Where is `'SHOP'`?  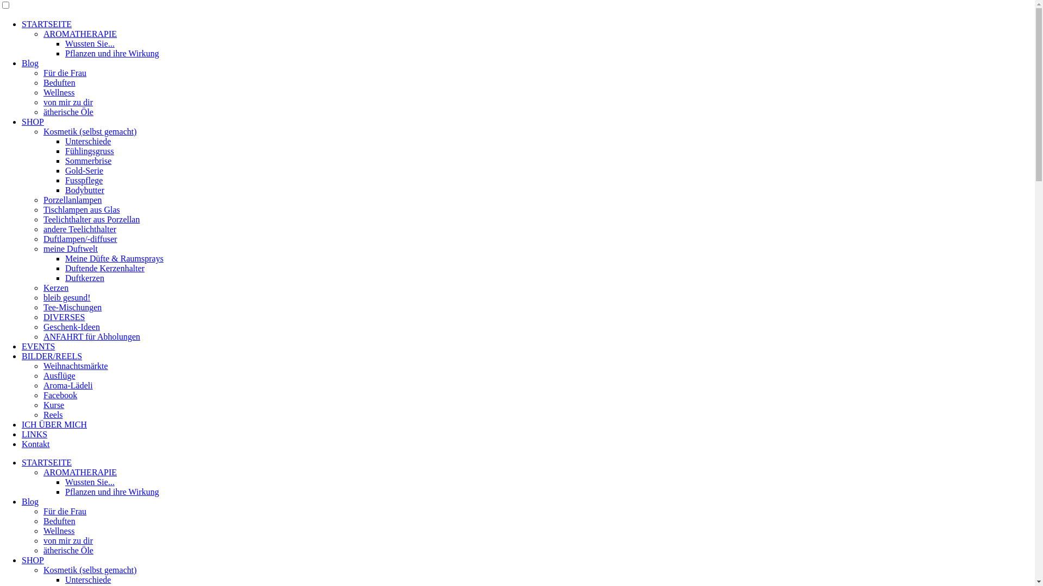 'SHOP' is located at coordinates (33, 122).